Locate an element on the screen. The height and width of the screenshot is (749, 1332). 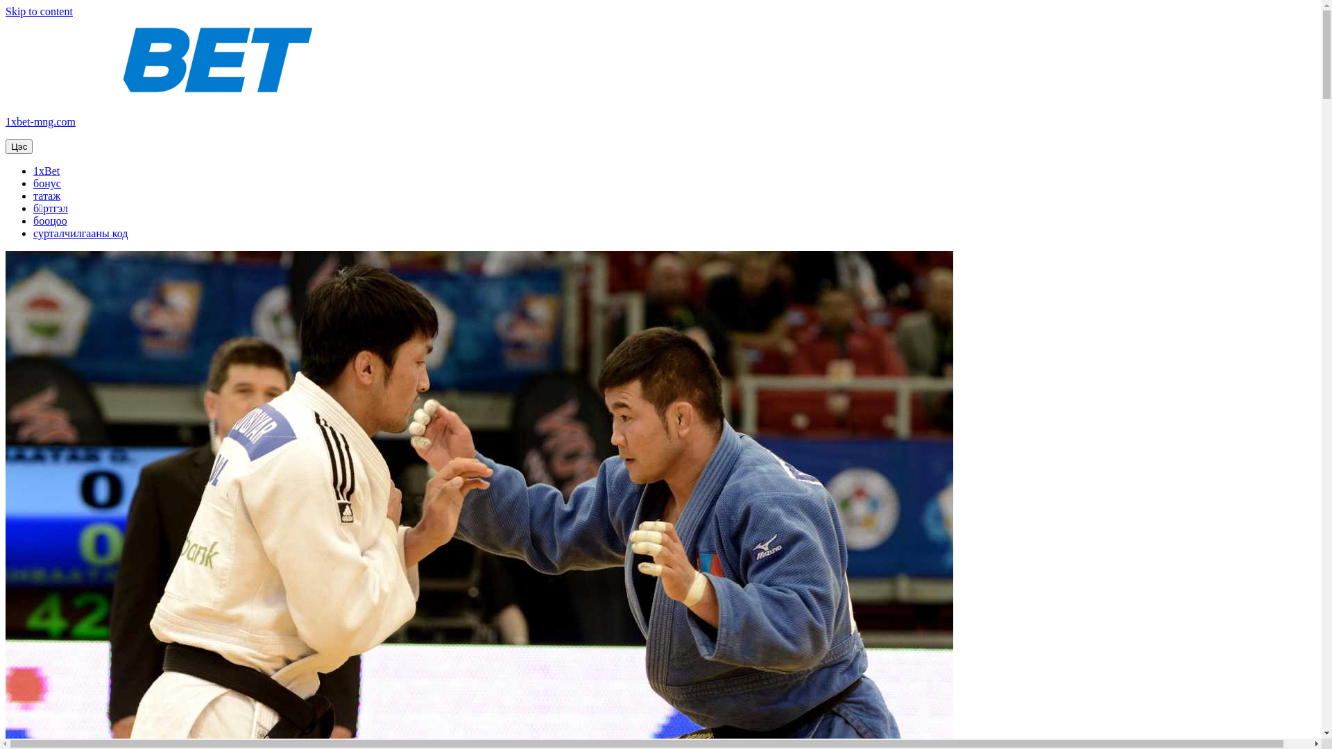
'Skip to content' is located at coordinates (39, 11).